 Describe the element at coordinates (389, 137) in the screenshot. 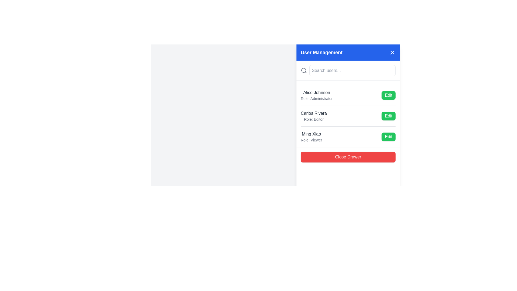

I see `the 'Edit' button with a green background located to the right of 'Ming Xiao' in the User Management section to initiate editing` at that location.